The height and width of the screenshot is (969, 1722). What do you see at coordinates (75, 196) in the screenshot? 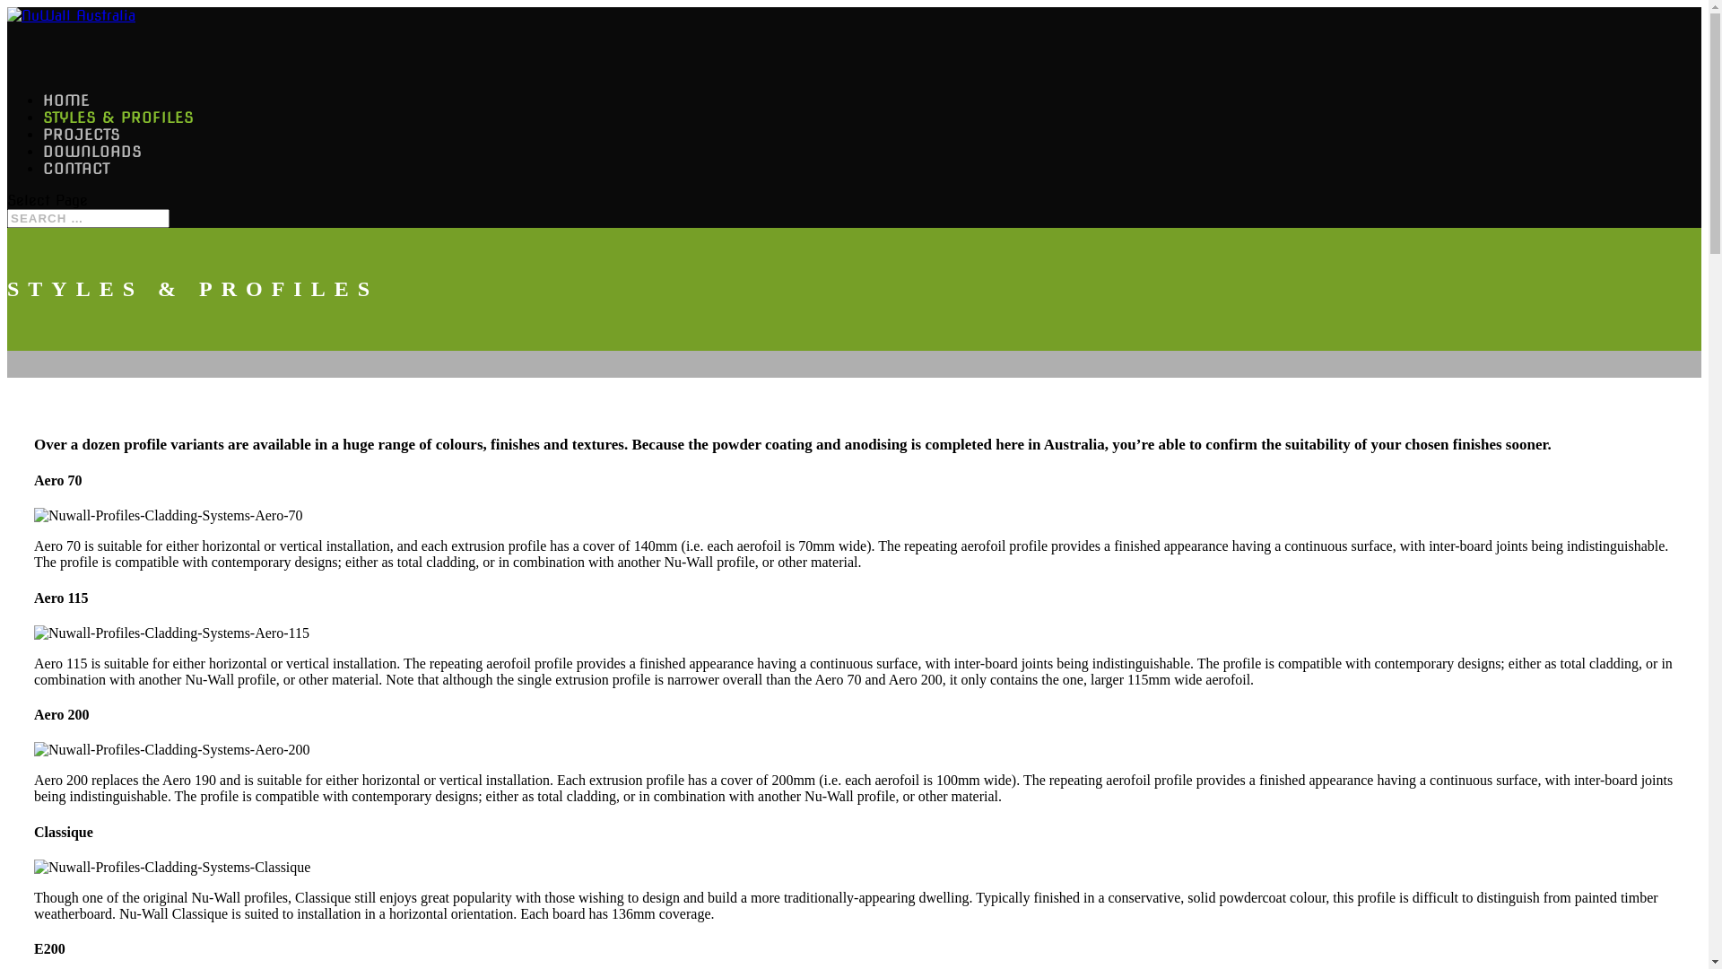
I see `'CONTACT'` at bounding box center [75, 196].